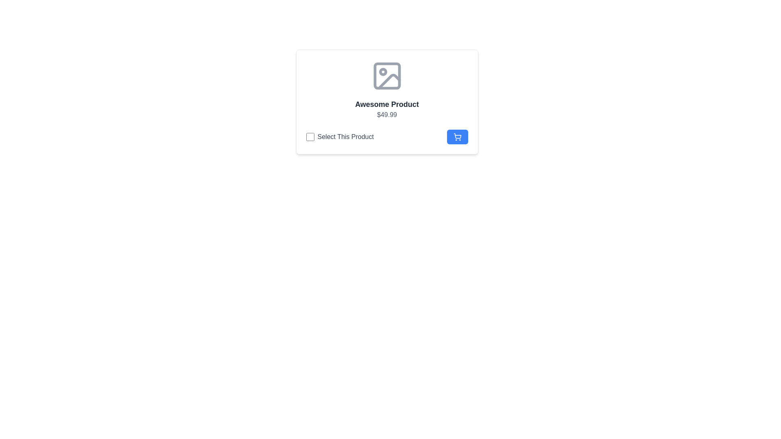 The width and height of the screenshot is (781, 439). I want to click on the text label displaying the value '$49.99', which is aligned centrally below the bold title 'Awesome Product', so click(386, 115).